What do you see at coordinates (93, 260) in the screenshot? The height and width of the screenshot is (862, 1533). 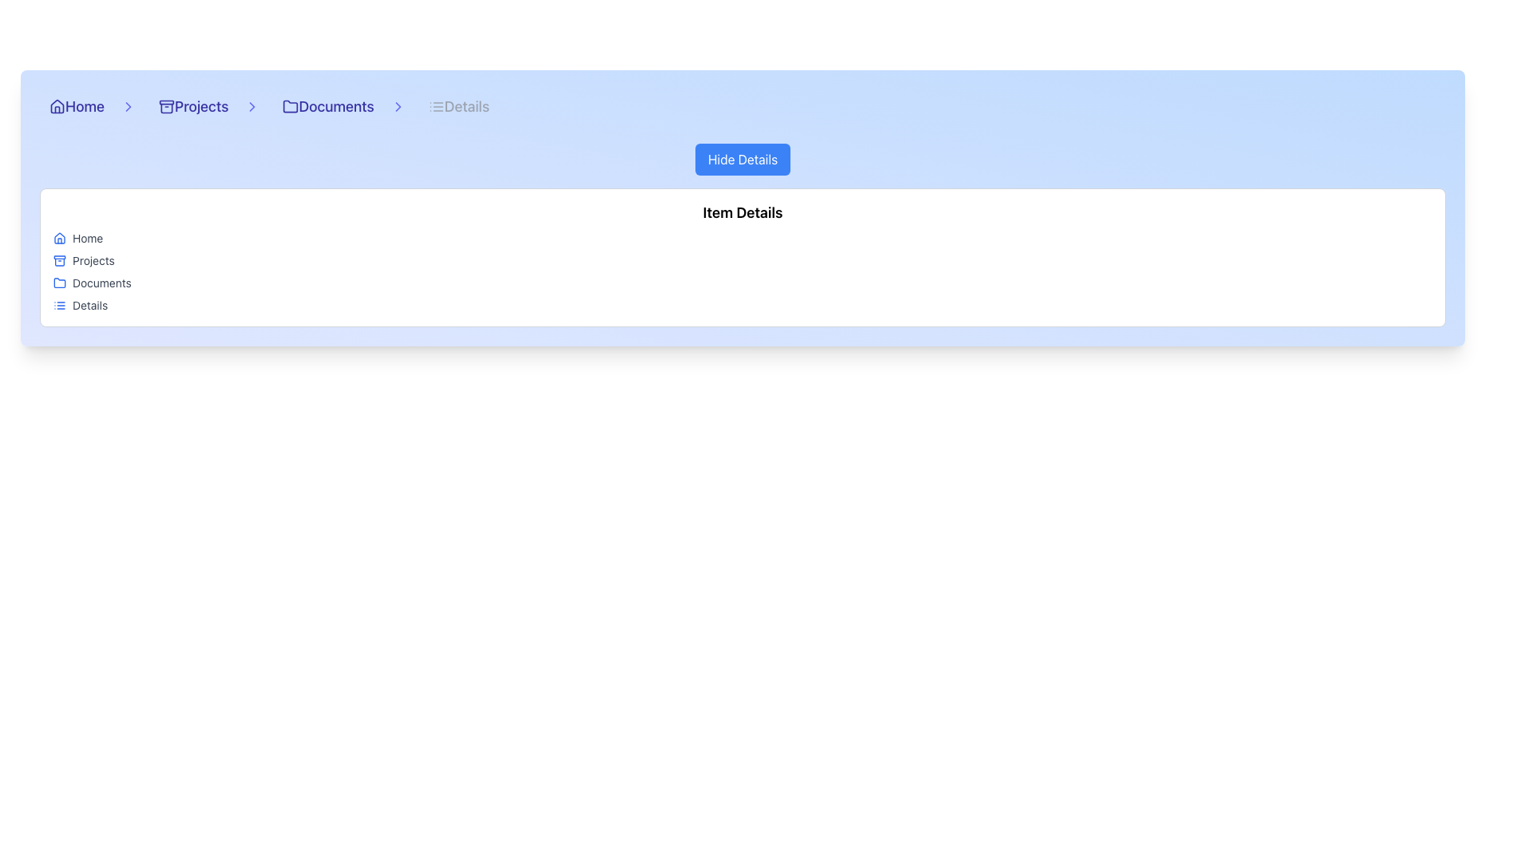 I see `the 'Projects' text label` at bounding box center [93, 260].